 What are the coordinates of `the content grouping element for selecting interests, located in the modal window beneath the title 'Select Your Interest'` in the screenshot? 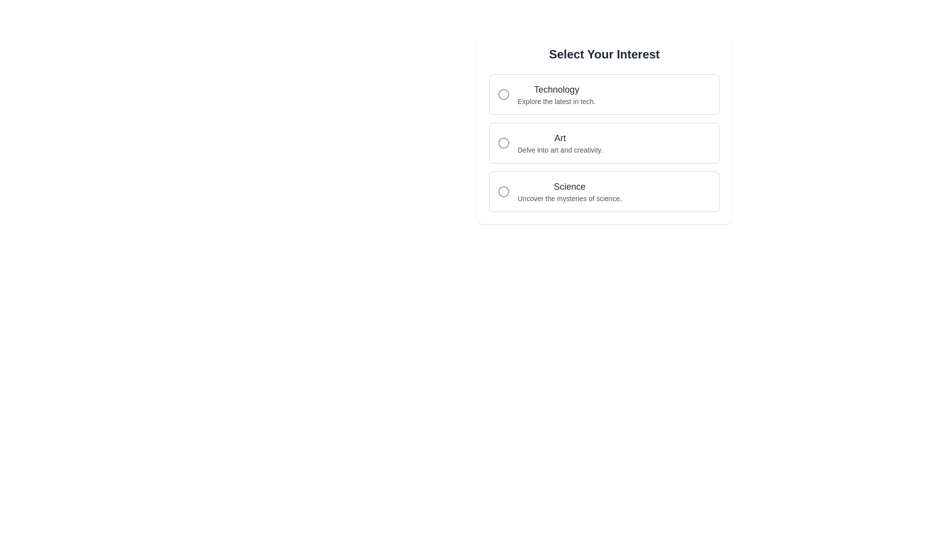 It's located at (604, 129).